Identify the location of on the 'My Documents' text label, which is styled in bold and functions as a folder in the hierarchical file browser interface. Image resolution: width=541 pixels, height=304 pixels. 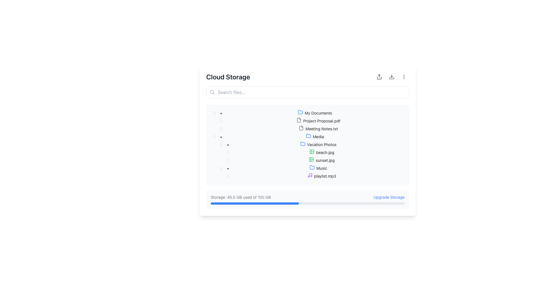
(318, 113).